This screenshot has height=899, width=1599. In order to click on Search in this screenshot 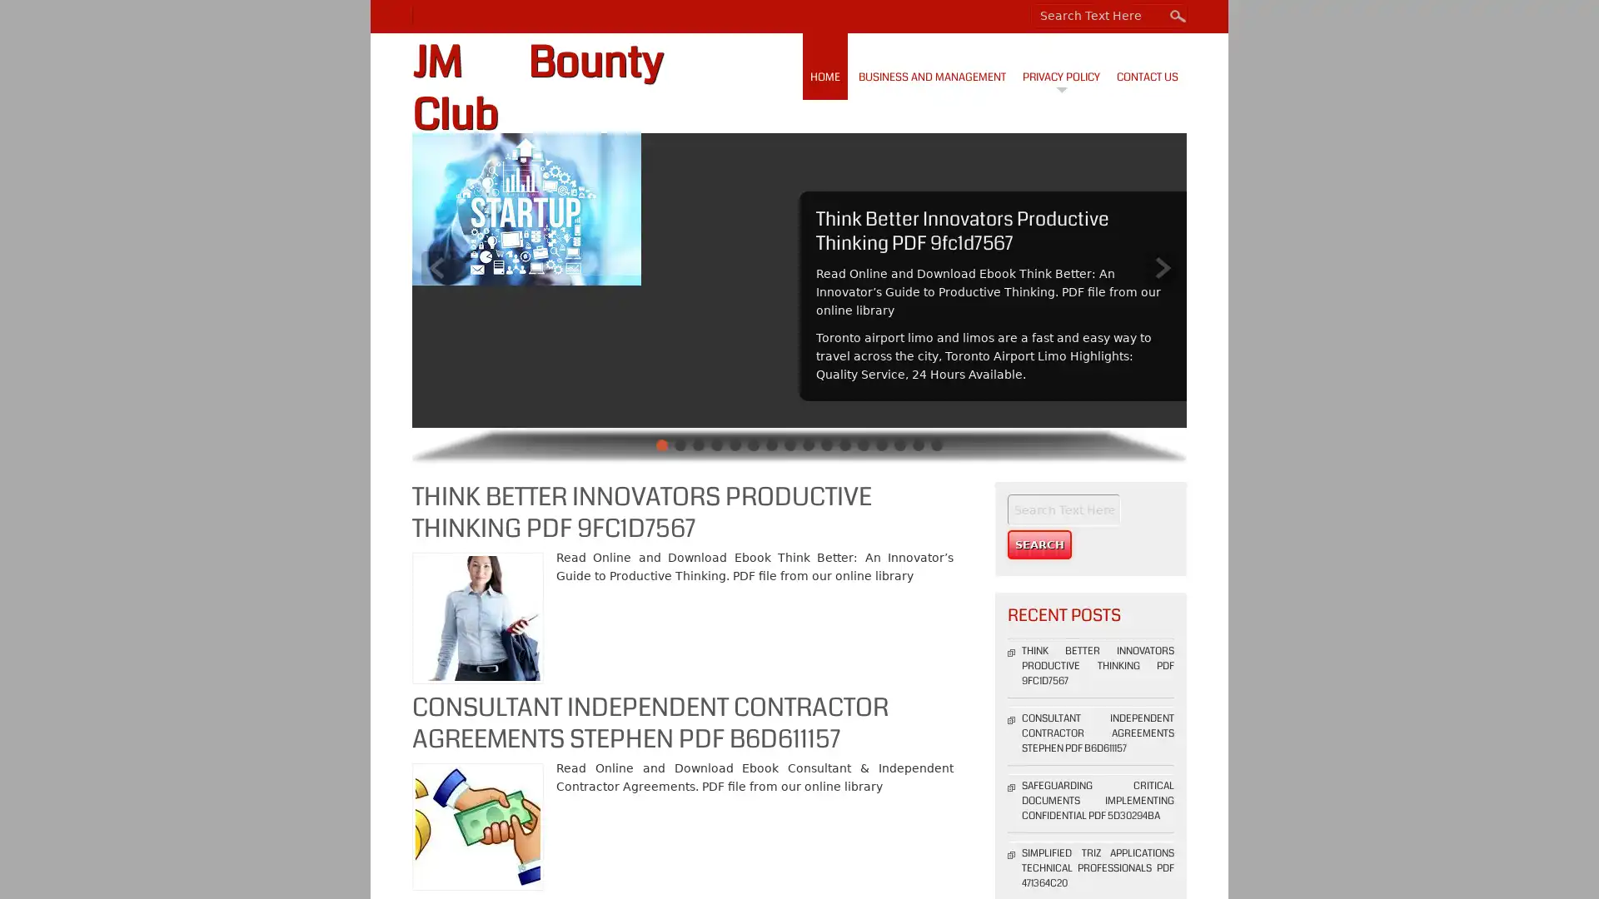, I will do `click(1039, 544)`.